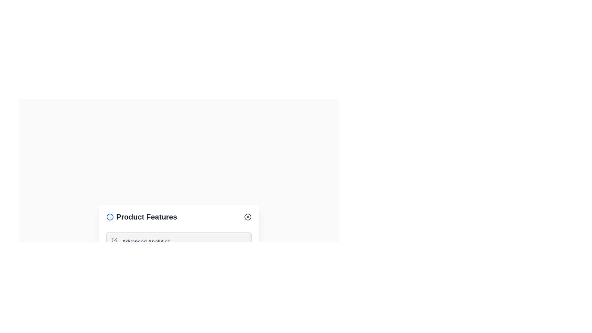 The width and height of the screenshot is (592, 333). What do you see at coordinates (248, 216) in the screenshot?
I see `the close button in the top-right corner of the 'Product Features' card` at bounding box center [248, 216].